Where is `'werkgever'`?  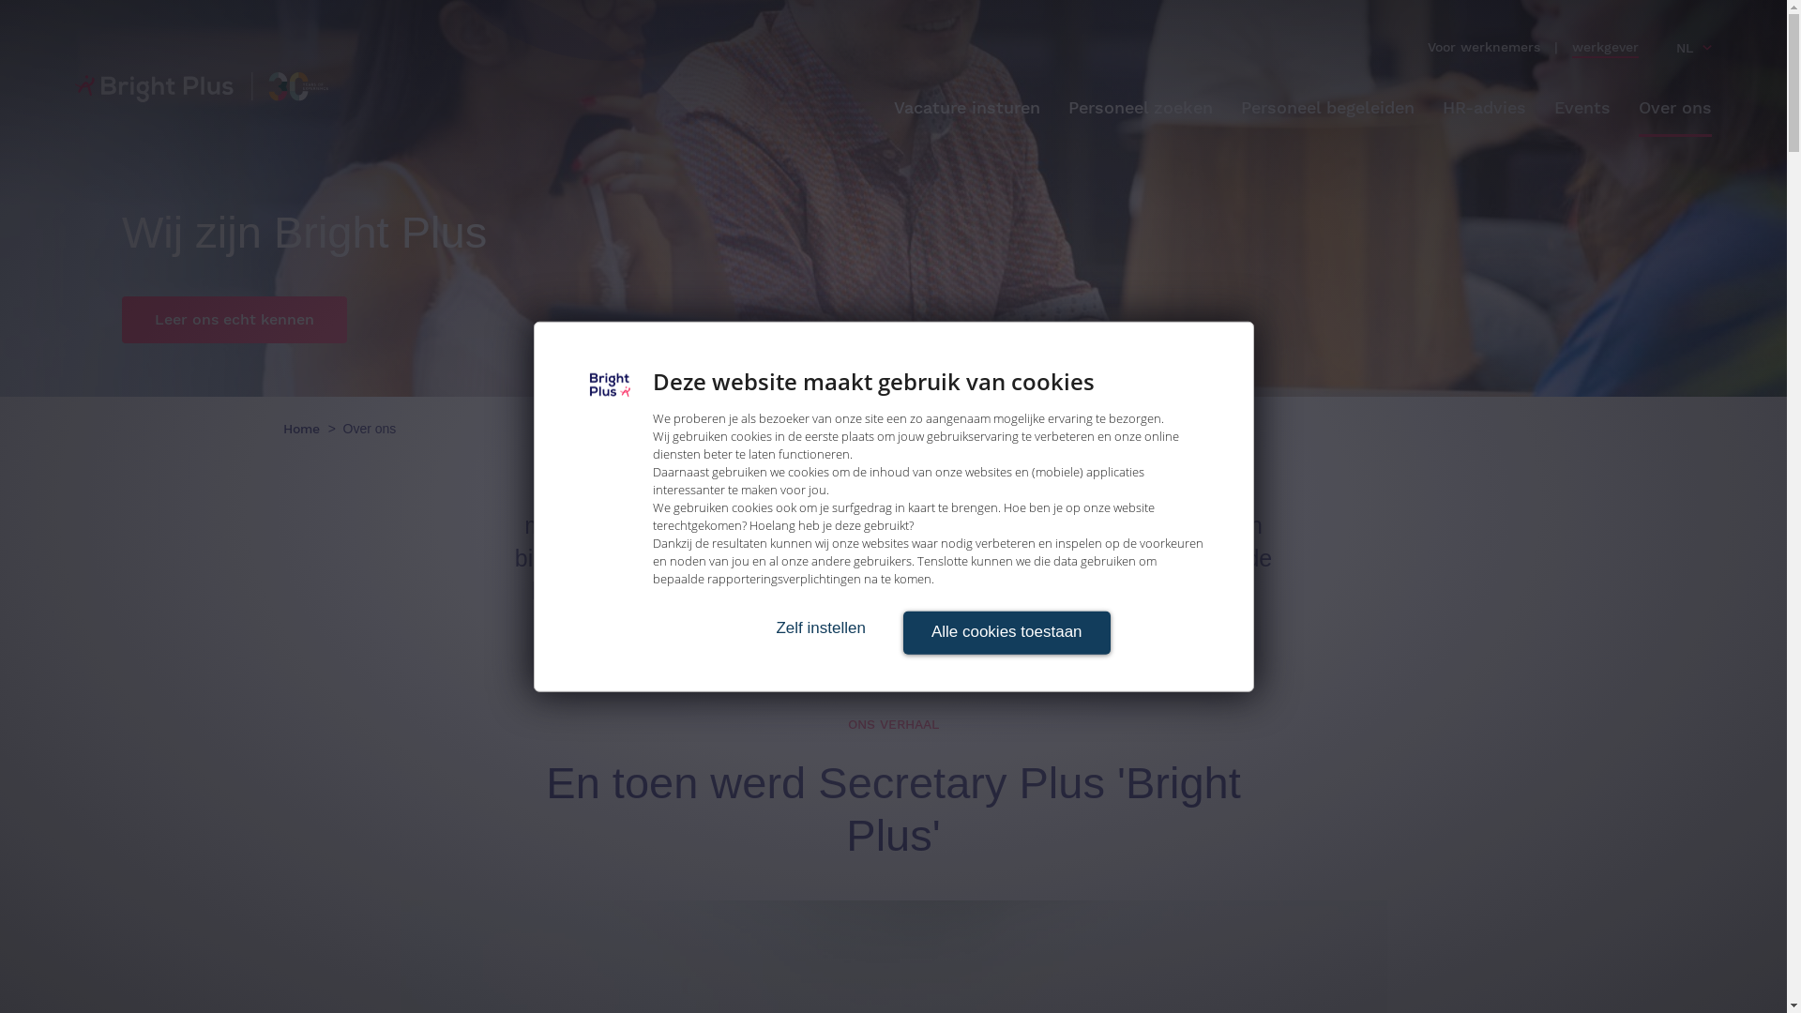 'werkgever' is located at coordinates (1604, 46).